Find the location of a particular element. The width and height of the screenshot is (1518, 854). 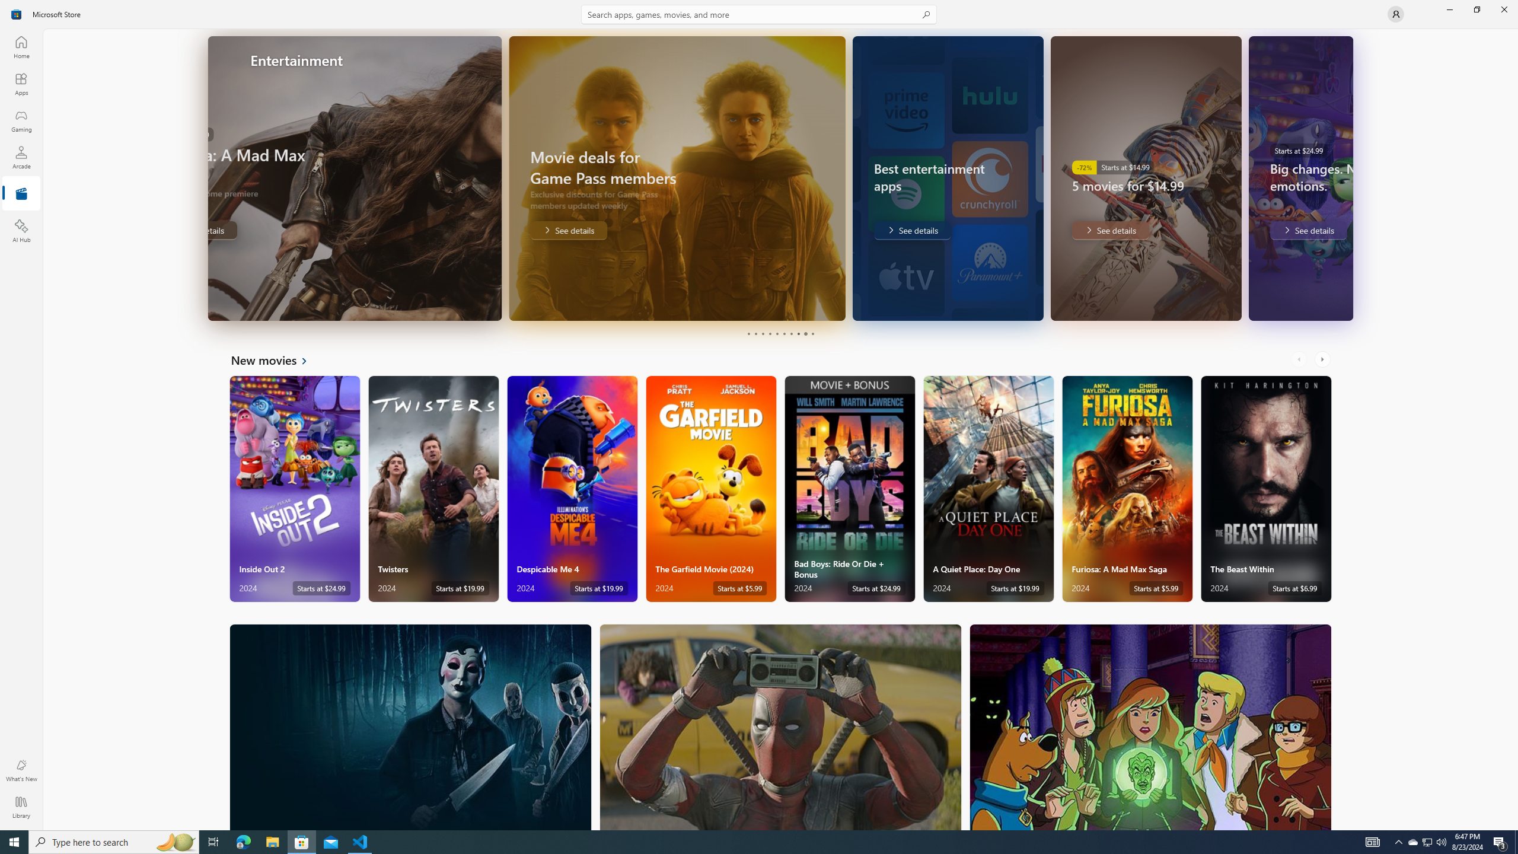

'AutomationID: LeftScrollButton' is located at coordinates (1300, 359).